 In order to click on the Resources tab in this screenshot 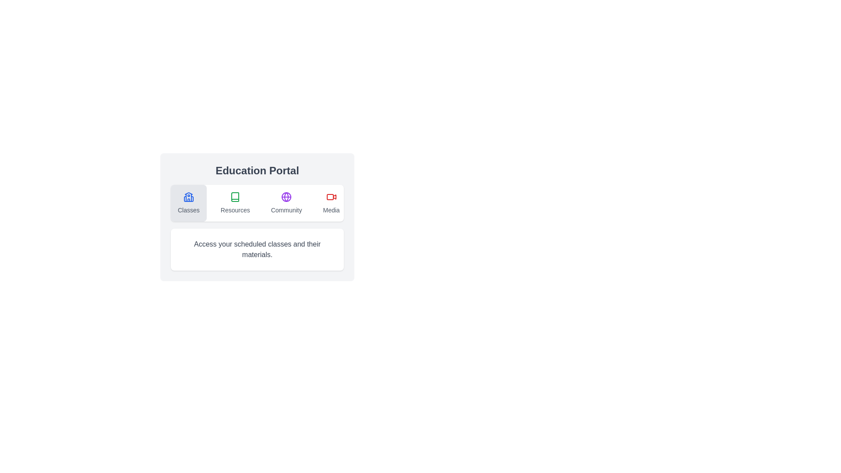, I will do `click(235, 203)`.